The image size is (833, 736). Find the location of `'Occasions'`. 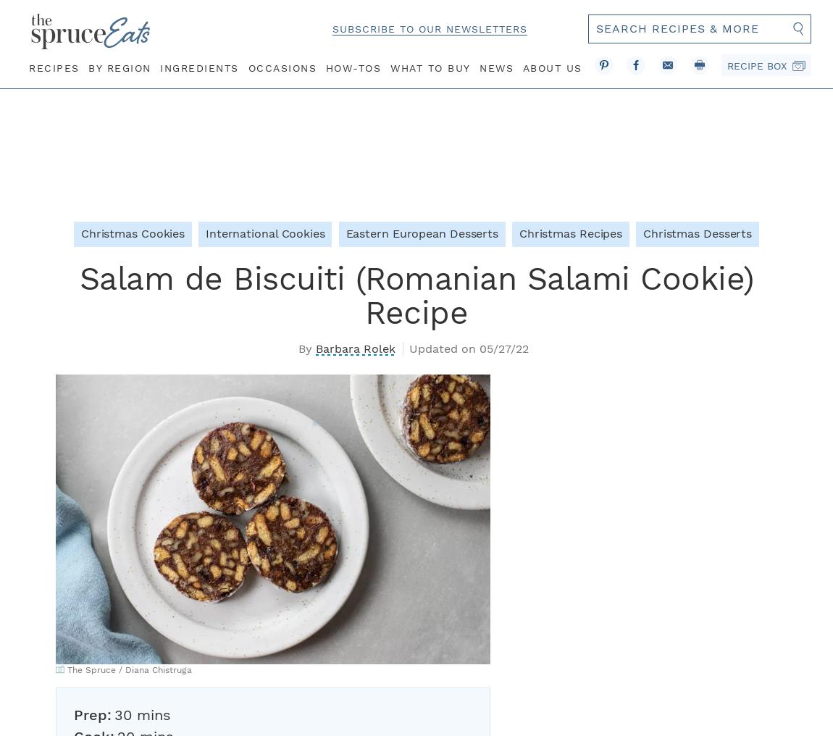

'Occasions' is located at coordinates (282, 67).